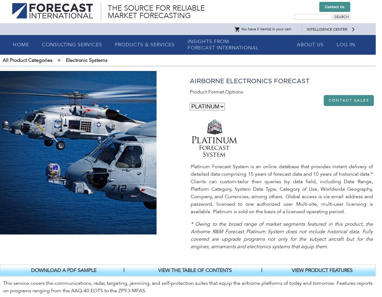  Describe the element at coordinates (16, 148) in the screenshot. I see `'Your private'` at that location.